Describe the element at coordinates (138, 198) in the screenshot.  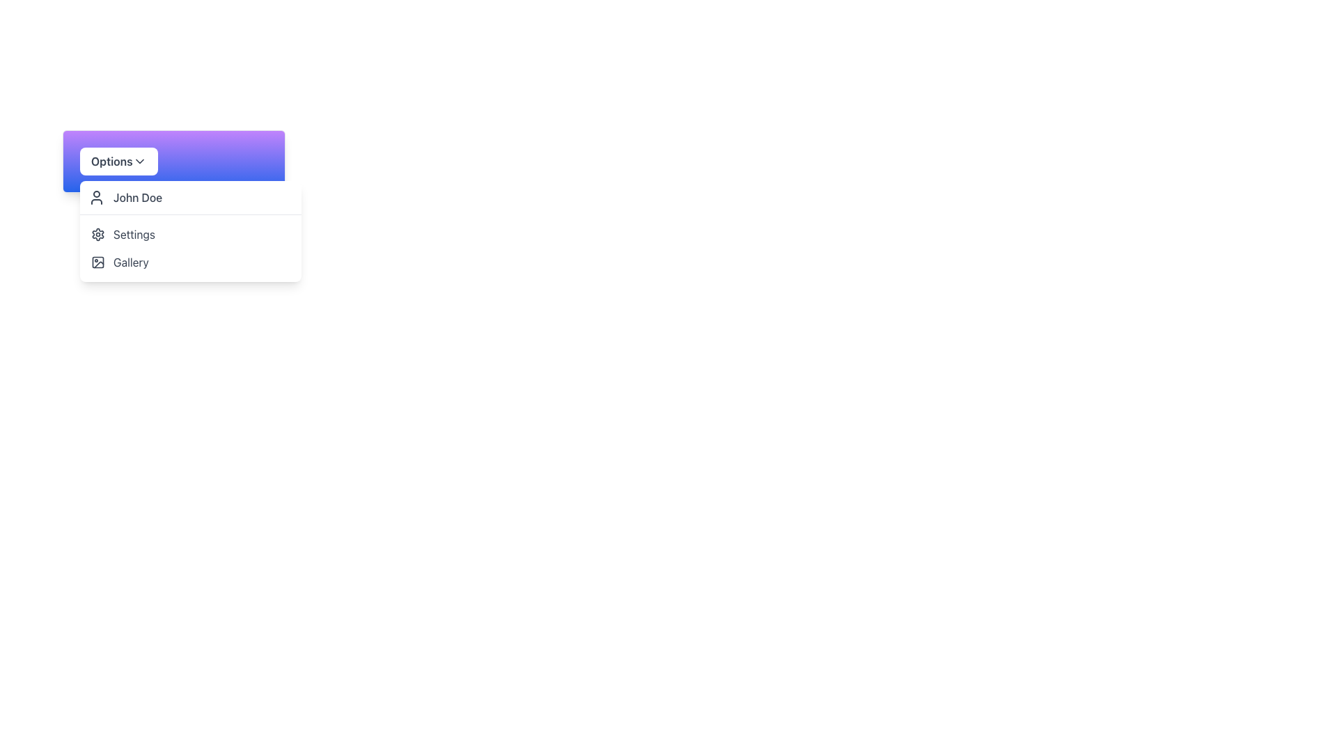
I see `the text label 'John Doe' which is the first item in a dropdown menu under the purple 'Options' button, positioned to the right of a user icon` at that location.